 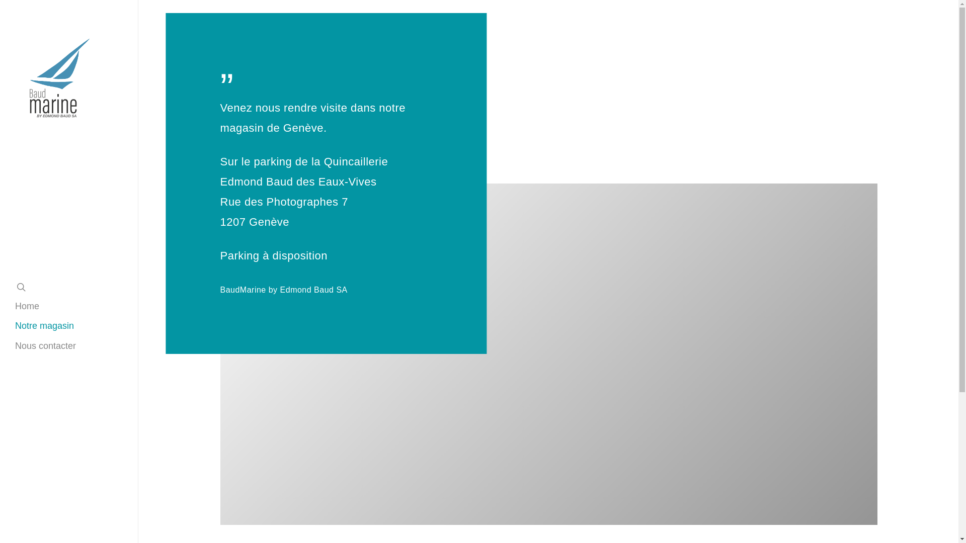 What do you see at coordinates (44, 326) in the screenshot?
I see `'Notre magasin'` at bounding box center [44, 326].